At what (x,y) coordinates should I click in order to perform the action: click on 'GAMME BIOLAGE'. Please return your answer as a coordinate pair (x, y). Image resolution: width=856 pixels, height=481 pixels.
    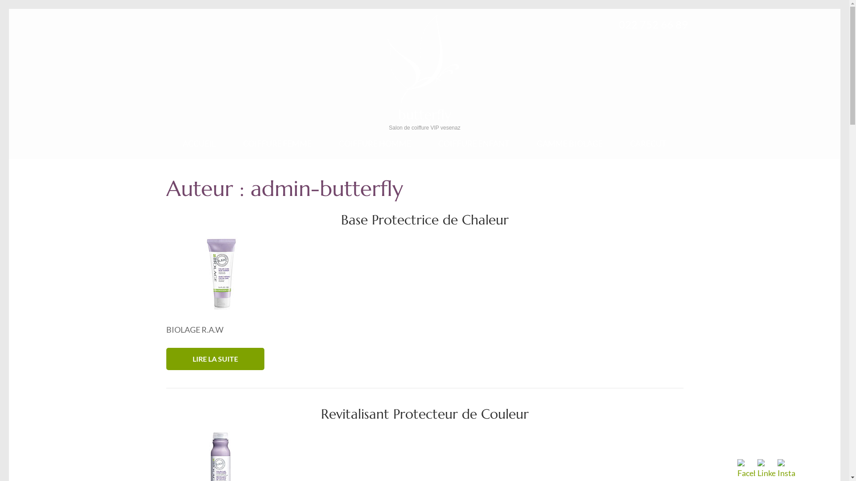
    Looking at the image, I should click on (536, 148).